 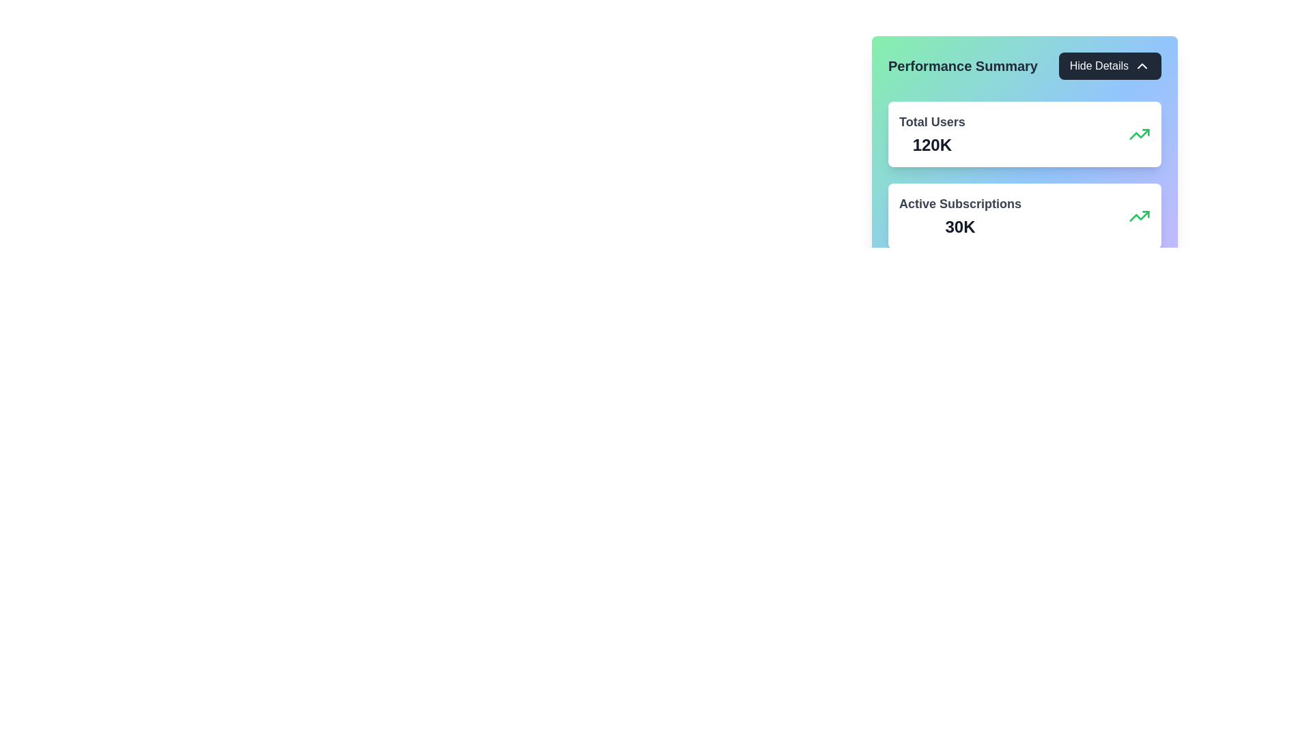 I want to click on text displayed in the 'Active Subscriptions' label, which is bold and dark gray in color, located inside the second card of the performance summary panel on the right side of the interface, so click(x=959, y=204).